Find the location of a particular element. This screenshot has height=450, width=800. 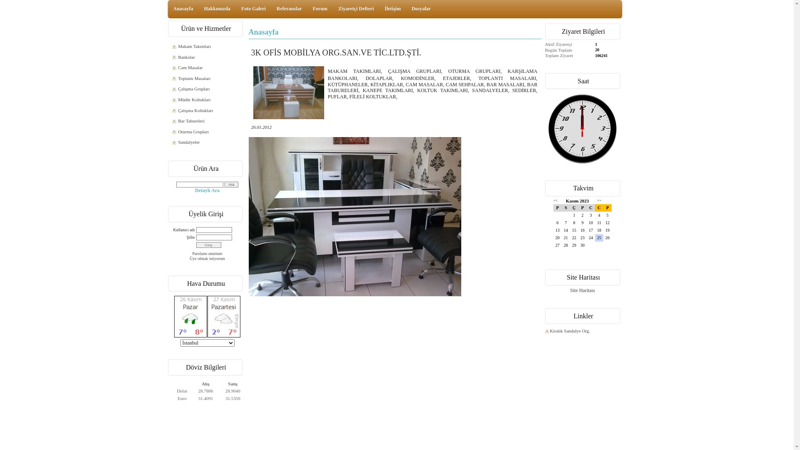

'17' is located at coordinates (590, 230).